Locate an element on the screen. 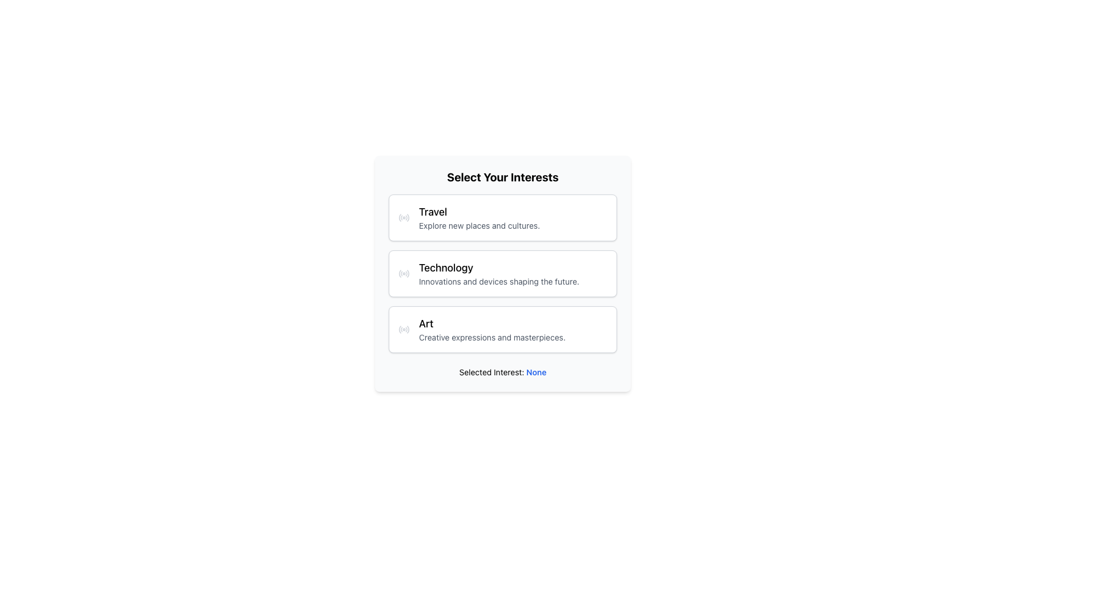 This screenshot has height=616, width=1096. the text display stating 'Selected Interest: None.' which indicates the current selection state is located at coordinates (502, 372).